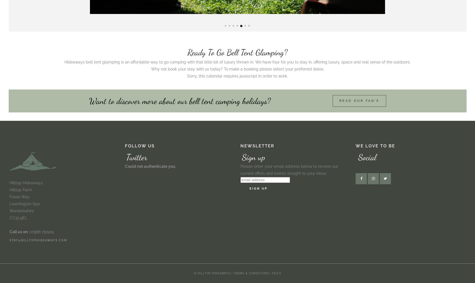 The height and width of the screenshot is (283, 475). What do you see at coordinates (26, 183) in the screenshot?
I see `'Hilltop Hideaways'` at bounding box center [26, 183].